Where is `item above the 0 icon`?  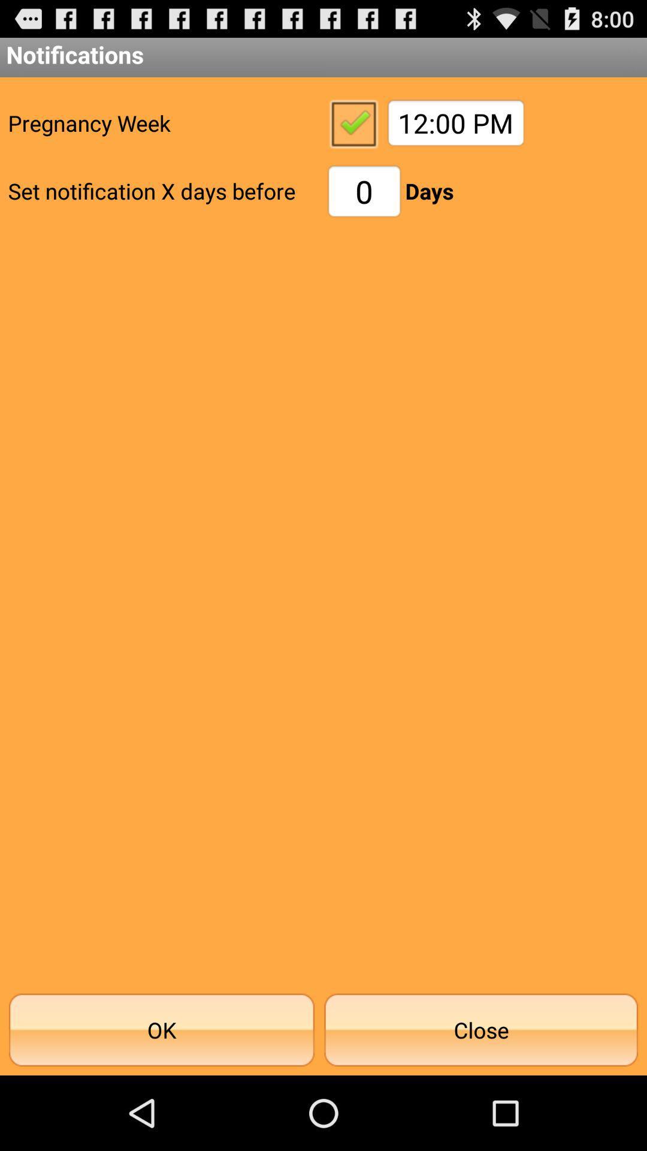
item above the 0 icon is located at coordinates (352, 123).